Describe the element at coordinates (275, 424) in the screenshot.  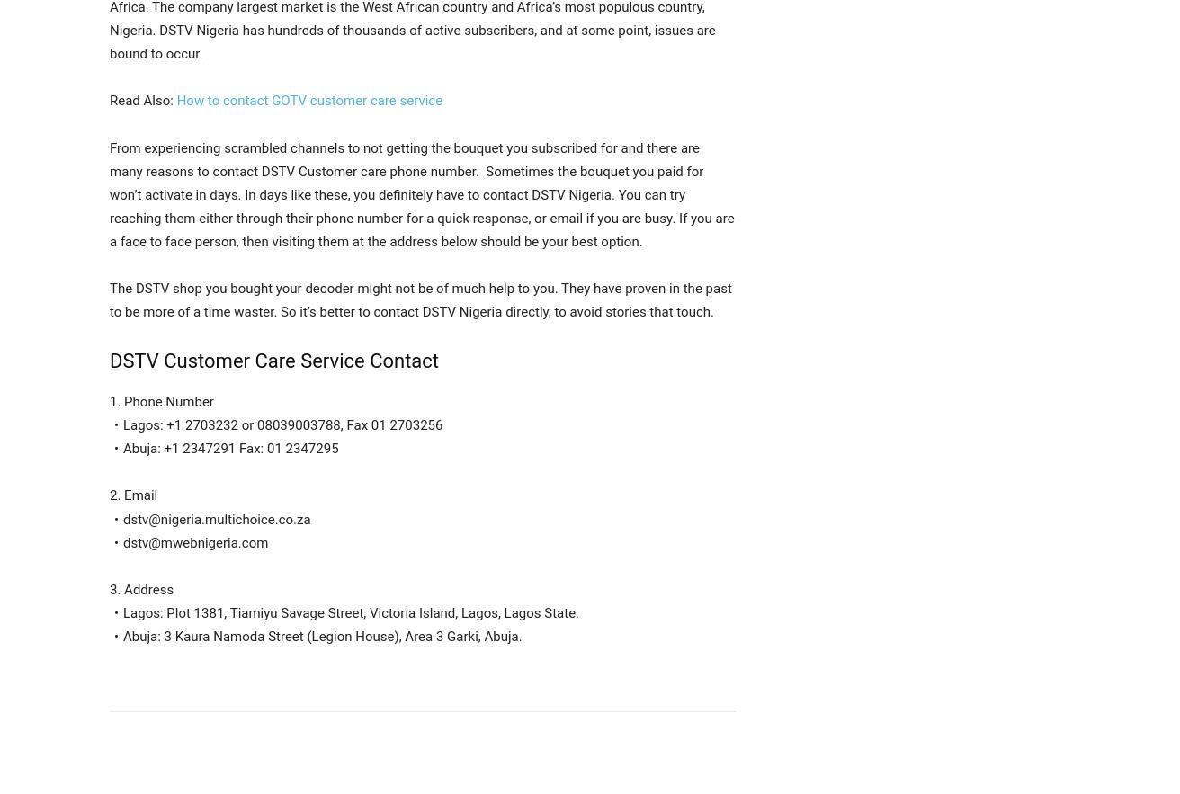
I see `'・Lagos: +1 2703232 or 08039003788, Fax 01 2703256'` at that location.